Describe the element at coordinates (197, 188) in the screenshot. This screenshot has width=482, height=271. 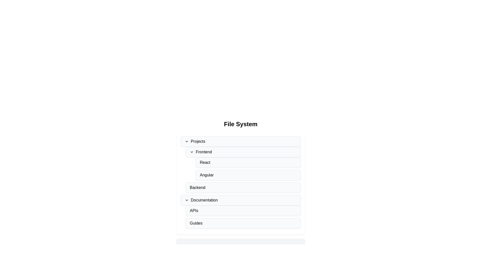
I see `the 'Backend' text-based navigational list item, which is displayed in a standard sans-serif font within a light gray rounded rectangle, located in the 'File System' interface under the 'Projects' section` at that location.